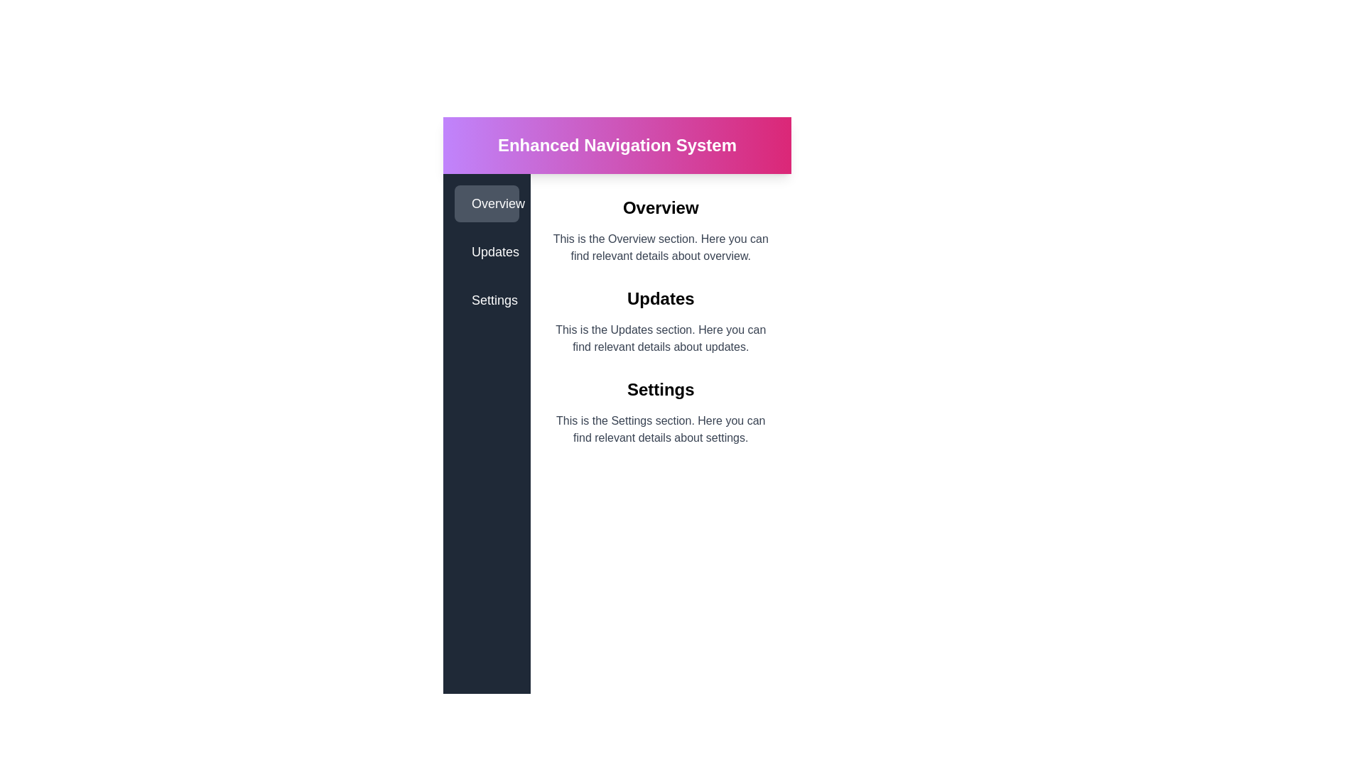 The width and height of the screenshot is (1364, 767). I want to click on the star-shaped icon located next to the text 'Overview' in the left sidebar of the layout, so click(471, 203).